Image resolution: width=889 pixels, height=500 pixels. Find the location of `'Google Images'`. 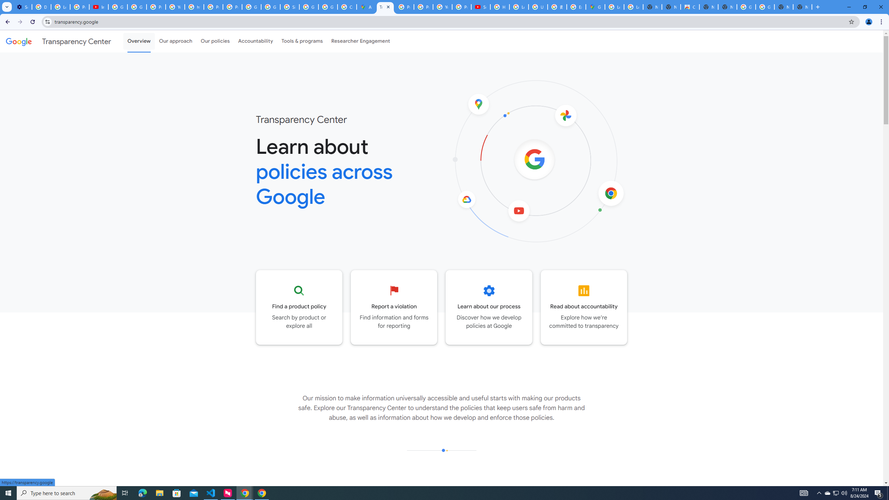

'Google Images' is located at coordinates (746, 7).